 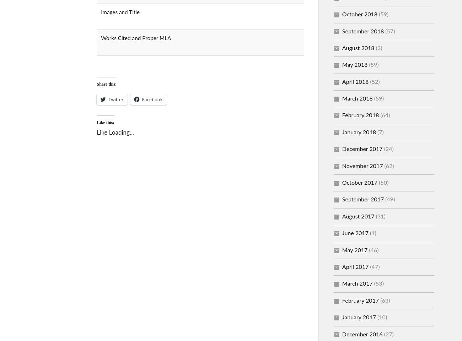 I want to click on 'September 2018', so click(x=362, y=31).